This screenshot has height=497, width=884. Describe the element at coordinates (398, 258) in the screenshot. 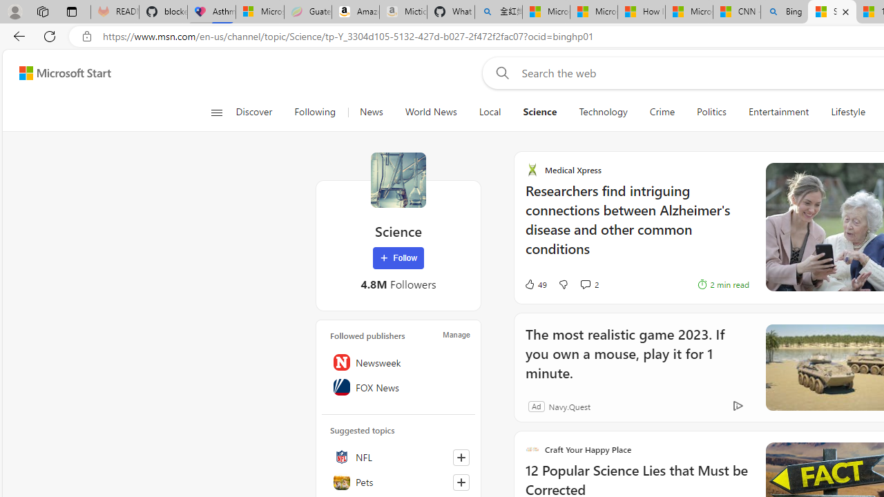

I see `'Follow'` at that location.